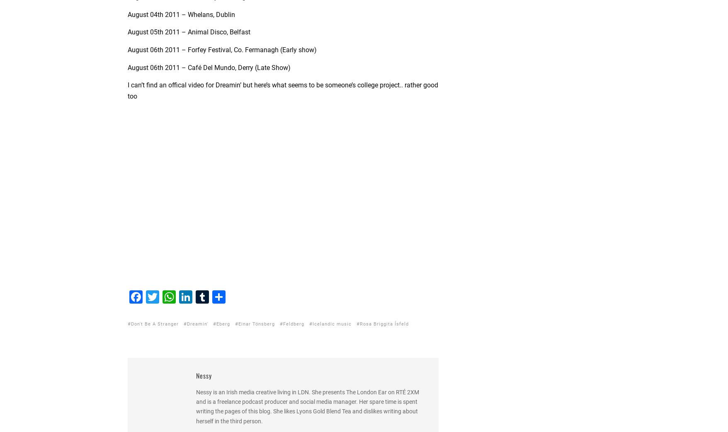 Image resolution: width=728 pixels, height=432 pixels. Describe the element at coordinates (196, 375) in the screenshot. I see `'Nessy'` at that location.